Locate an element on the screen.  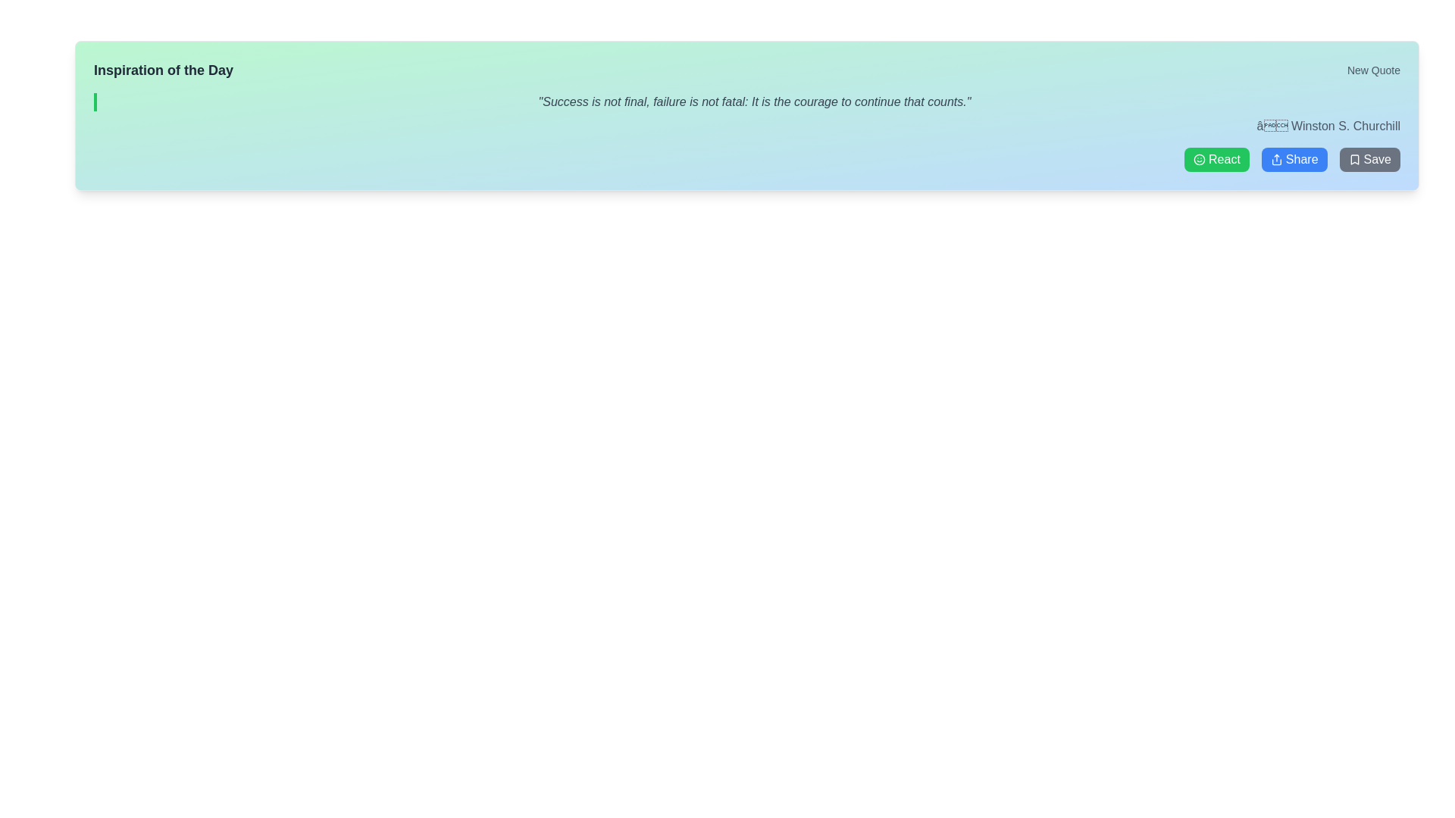
the interactive text or link at the far right of the header section to request or view a new quote, which is positioned next to 'Inspiration of the Day' is located at coordinates (1374, 70).